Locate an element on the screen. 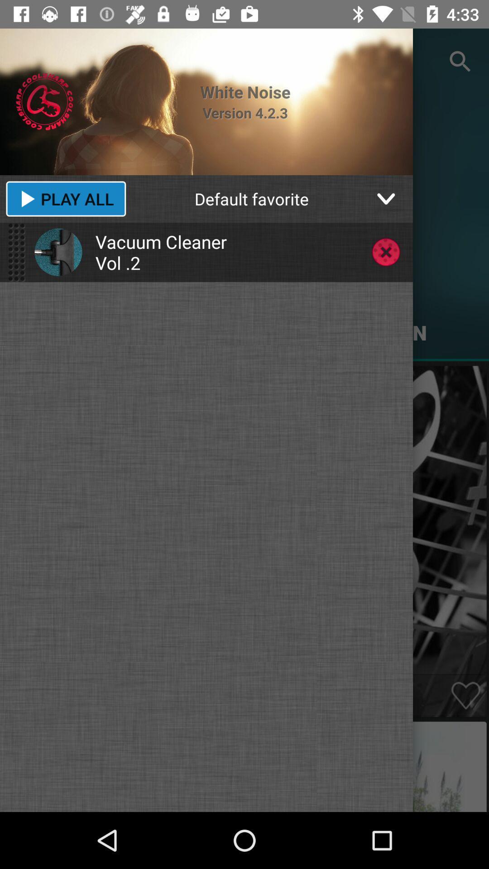  the play icon is located at coordinates (22, 195).